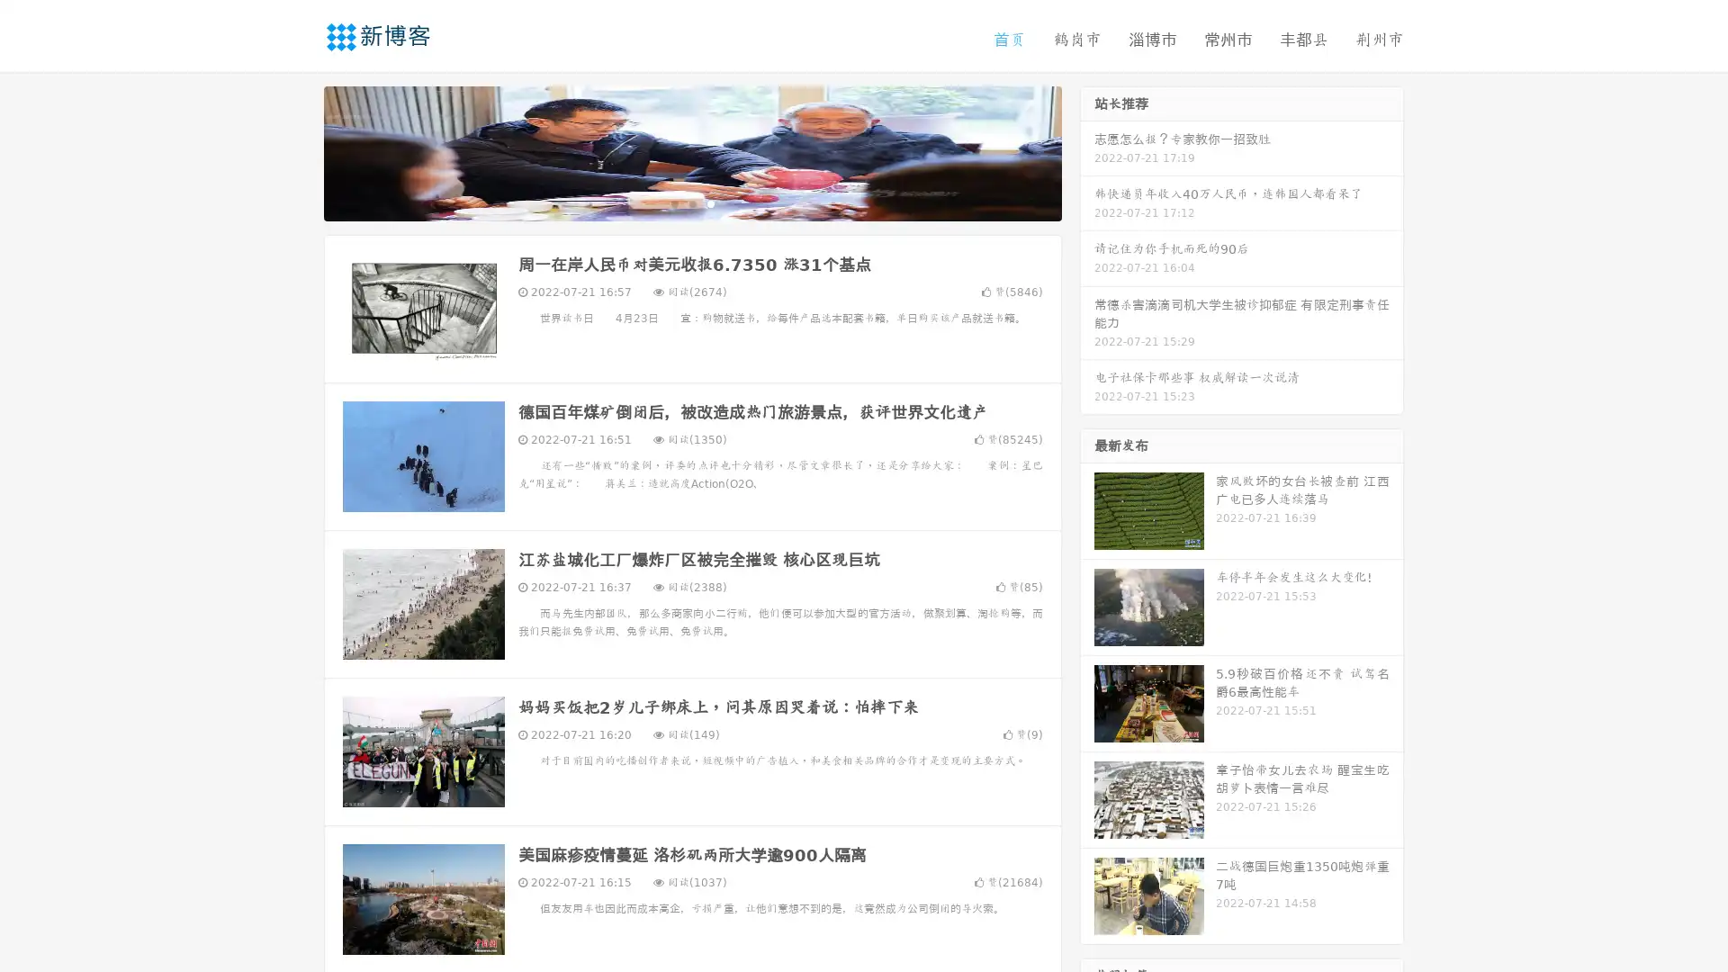 The width and height of the screenshot is (1728, 972). Describe the element at coordinates (297, 151) in the screenshot. I see `Previous slide` at that location.